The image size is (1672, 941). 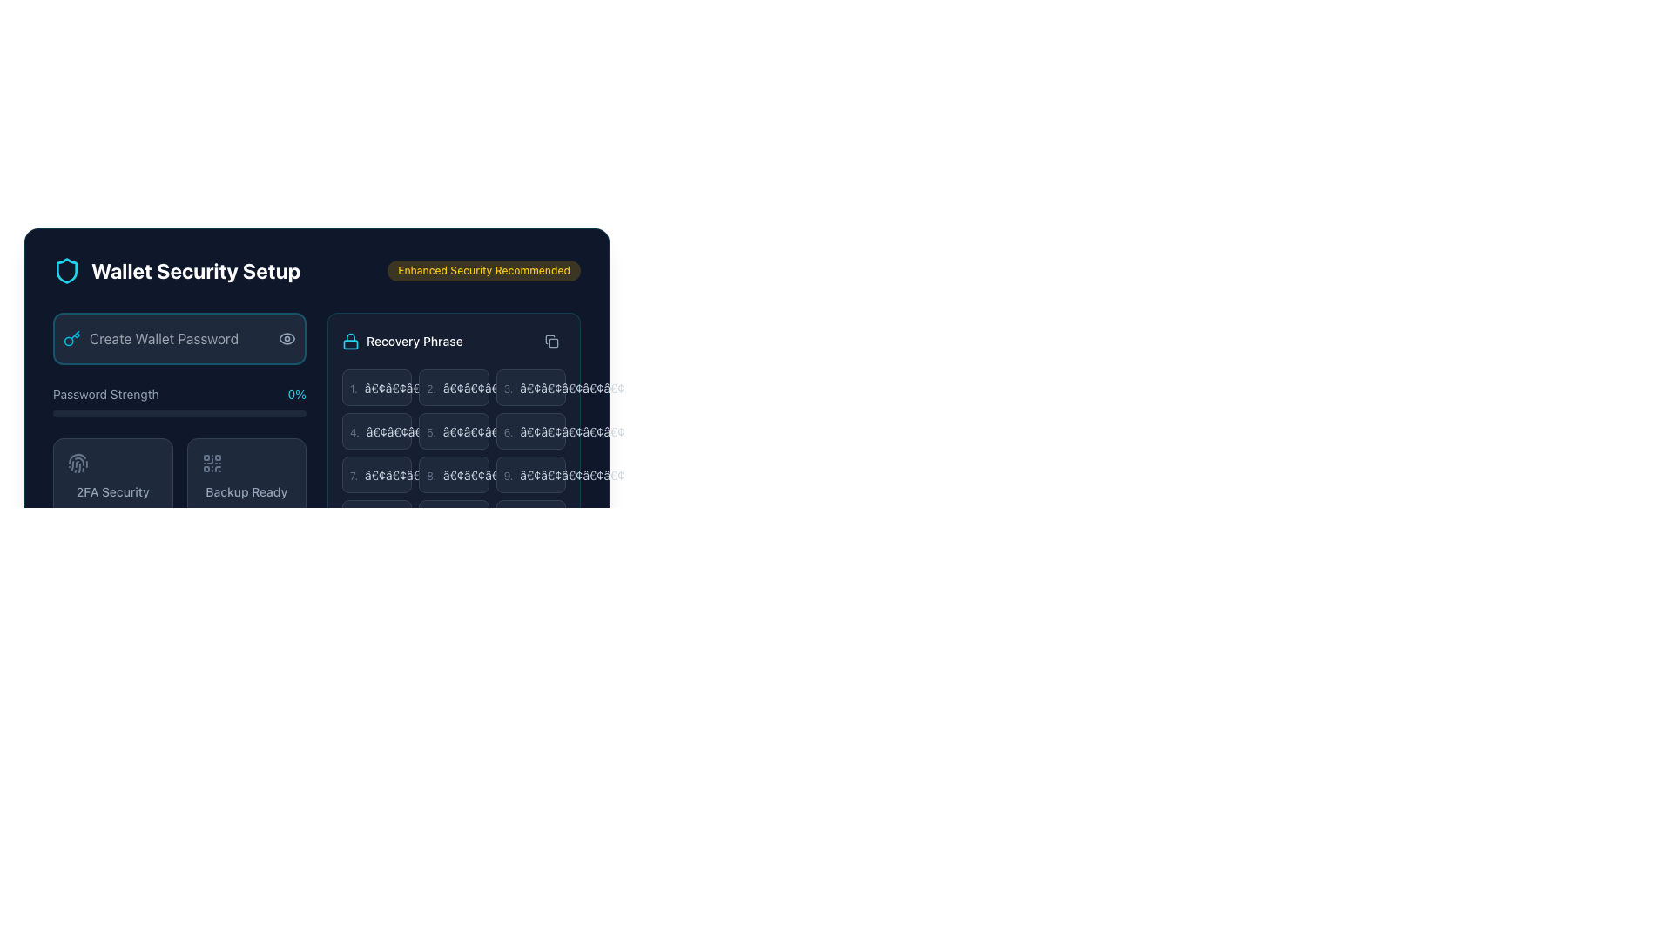 What do you see at coordinates (78, 463) in the screenshot?
I see `the fingerprint icon inside the '2FA Security' card in the 'Wallet Security Setup' section to interact with biometric security settings` at bounding box center [78, 463].